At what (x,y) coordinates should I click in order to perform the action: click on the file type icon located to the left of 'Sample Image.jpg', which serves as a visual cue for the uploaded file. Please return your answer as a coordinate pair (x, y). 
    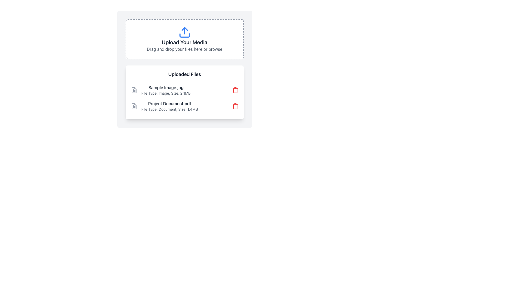
    Looking at the image, I should click on (134, 90).